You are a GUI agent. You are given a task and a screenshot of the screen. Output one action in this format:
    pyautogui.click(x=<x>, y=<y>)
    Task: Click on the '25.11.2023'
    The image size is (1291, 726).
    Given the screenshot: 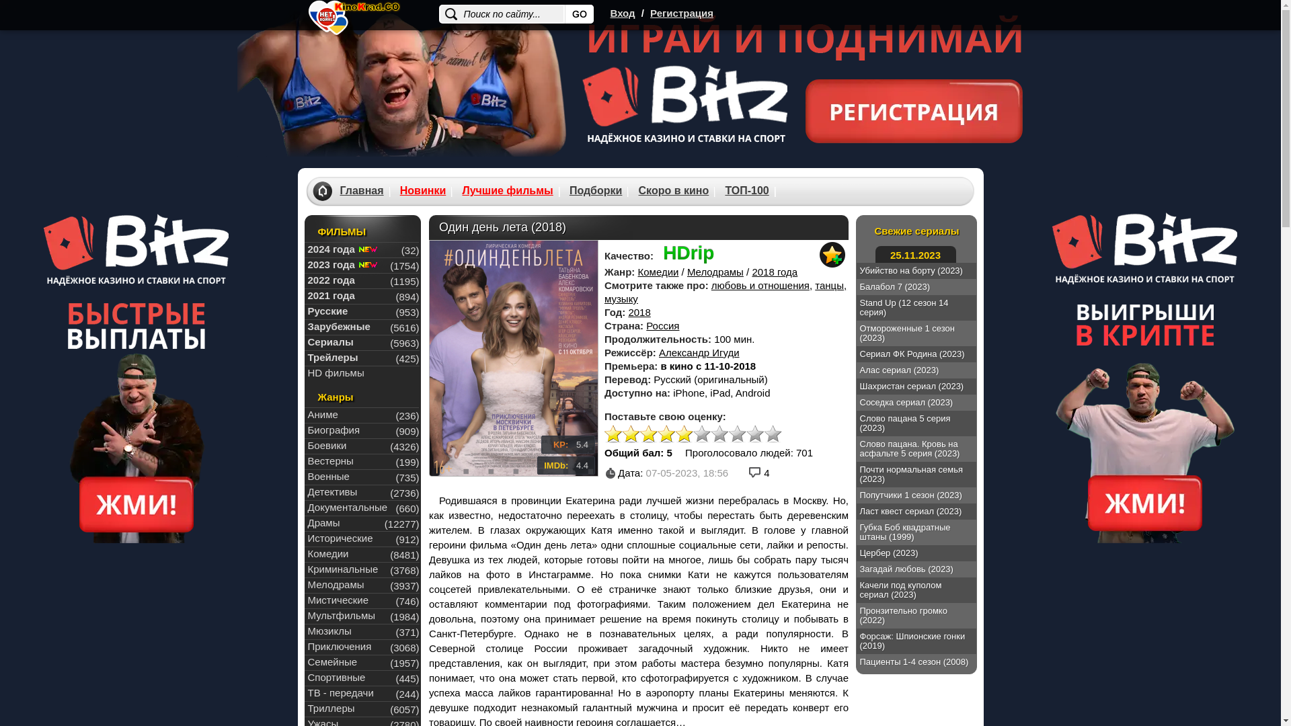 What is the action you would take?
    pyautogui.click(x=915, y=254)
    